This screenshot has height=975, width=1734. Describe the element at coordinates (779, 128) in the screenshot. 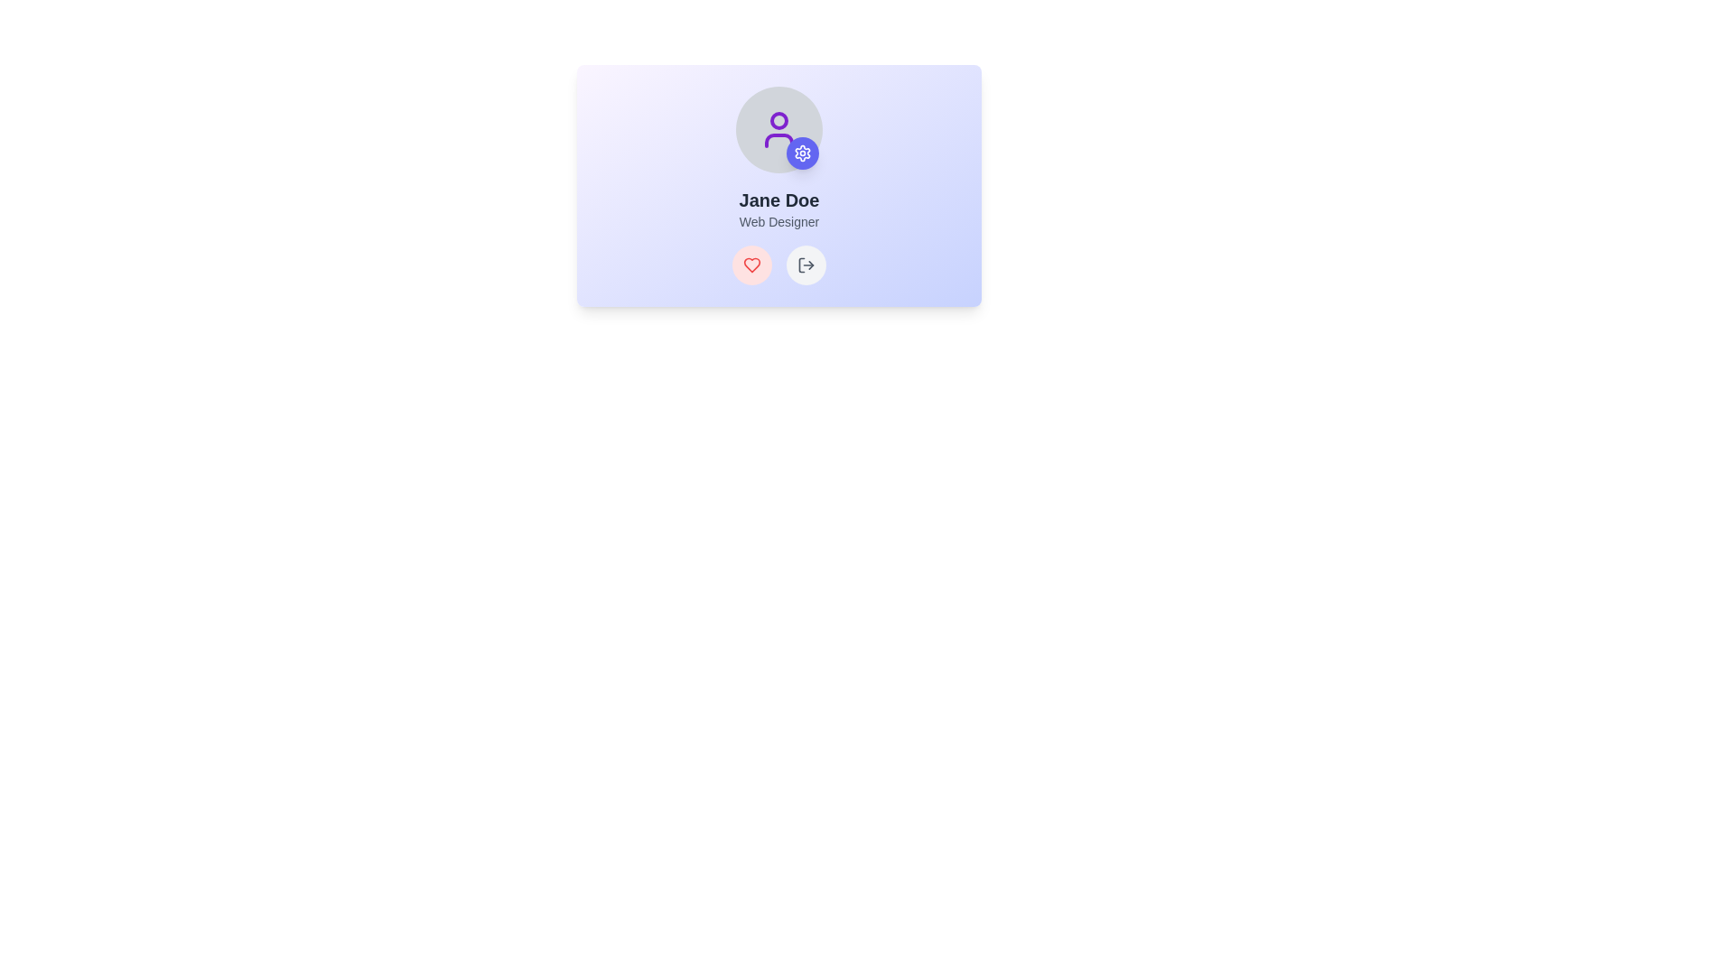

I see `the gear icon badge on the user profile graphic located at the top center of the card, just above the 'Jane Doe' name text` at that location.